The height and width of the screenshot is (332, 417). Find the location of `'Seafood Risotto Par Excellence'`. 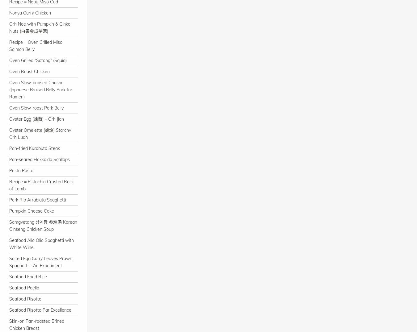

'Seafood Risotto Par Excellence' is located at coordinates (40, 309).